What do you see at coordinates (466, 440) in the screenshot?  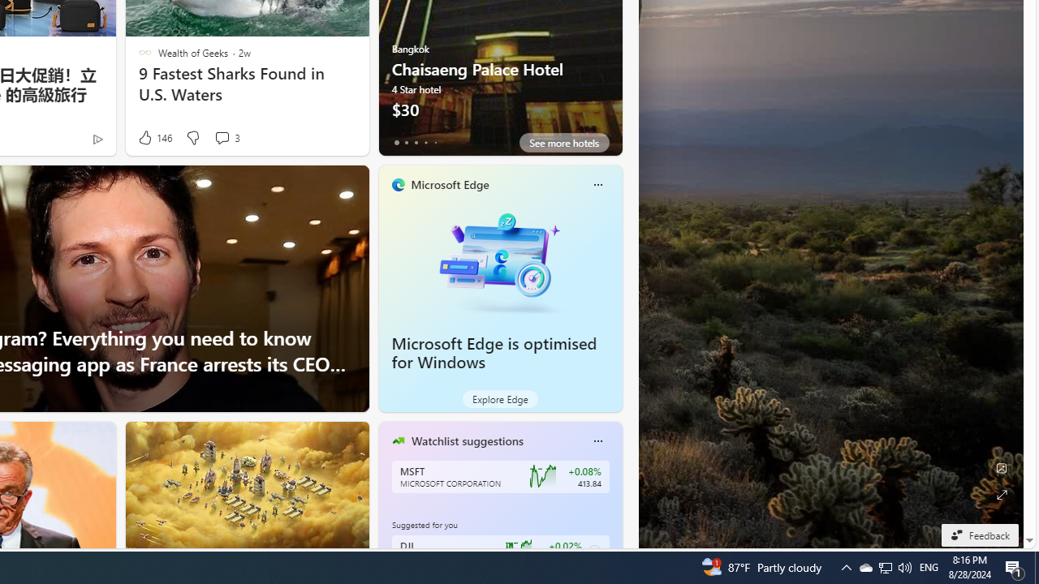 I see `'Watchlist suggestions'` at bounding box center [466, 440].